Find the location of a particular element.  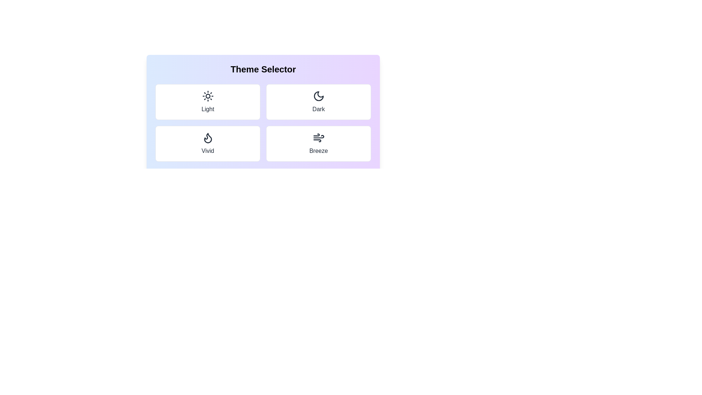

the theme Light by clicking its corresponding tile is located at coordinates (207, 102).